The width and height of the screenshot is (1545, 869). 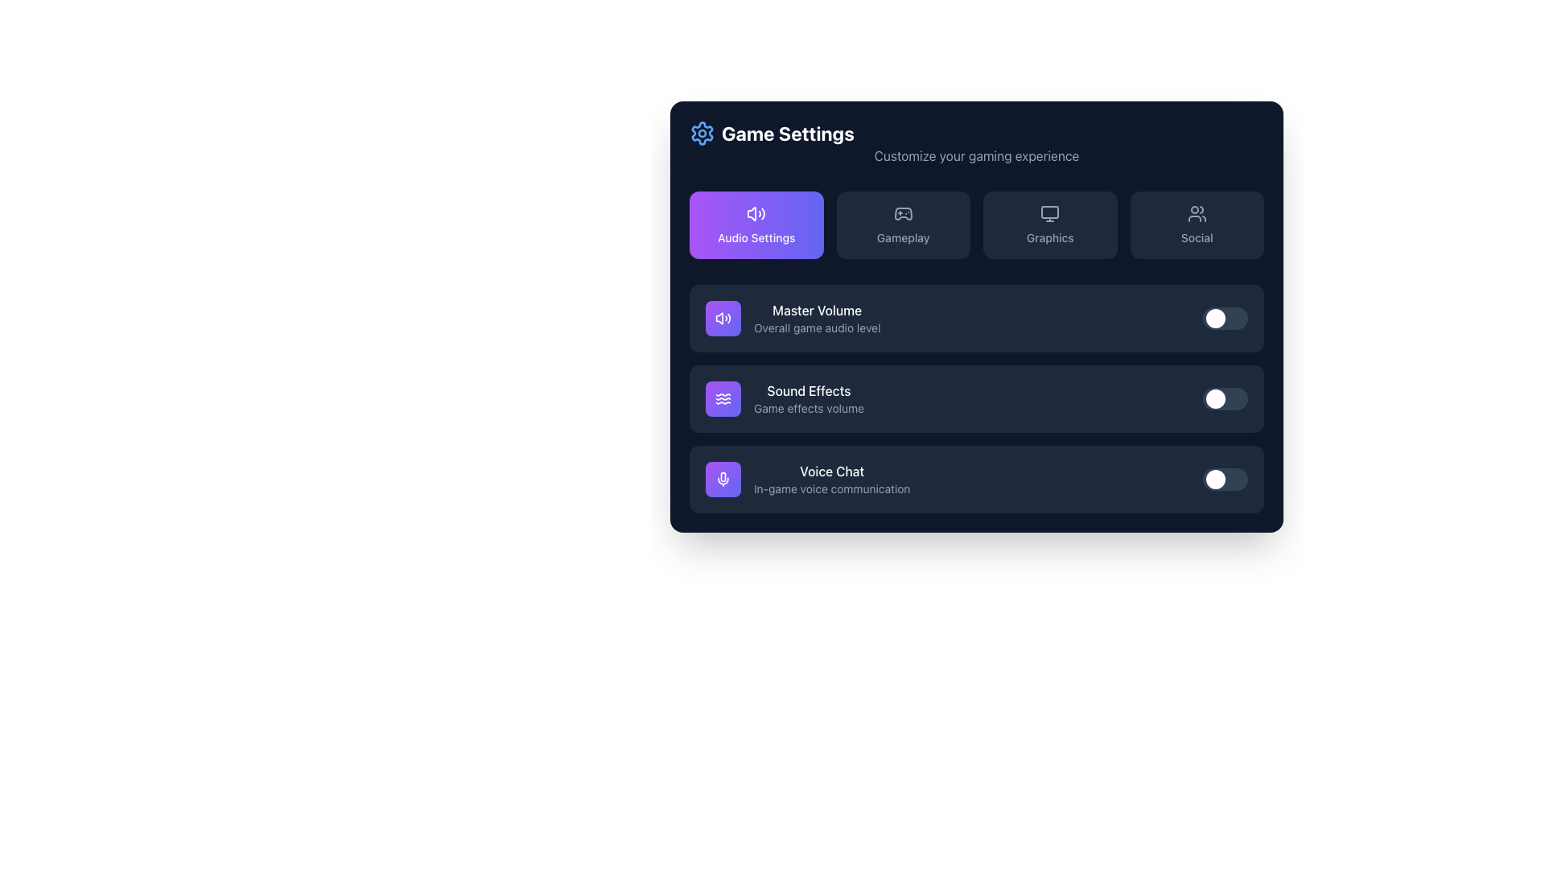 I want to click on the game controller icon located in the 'Gameplay' tab which is positioned next to the 'Audio Settings' tab on the left and the 'Graphics' tab on the right, so click(x=903, y=213).